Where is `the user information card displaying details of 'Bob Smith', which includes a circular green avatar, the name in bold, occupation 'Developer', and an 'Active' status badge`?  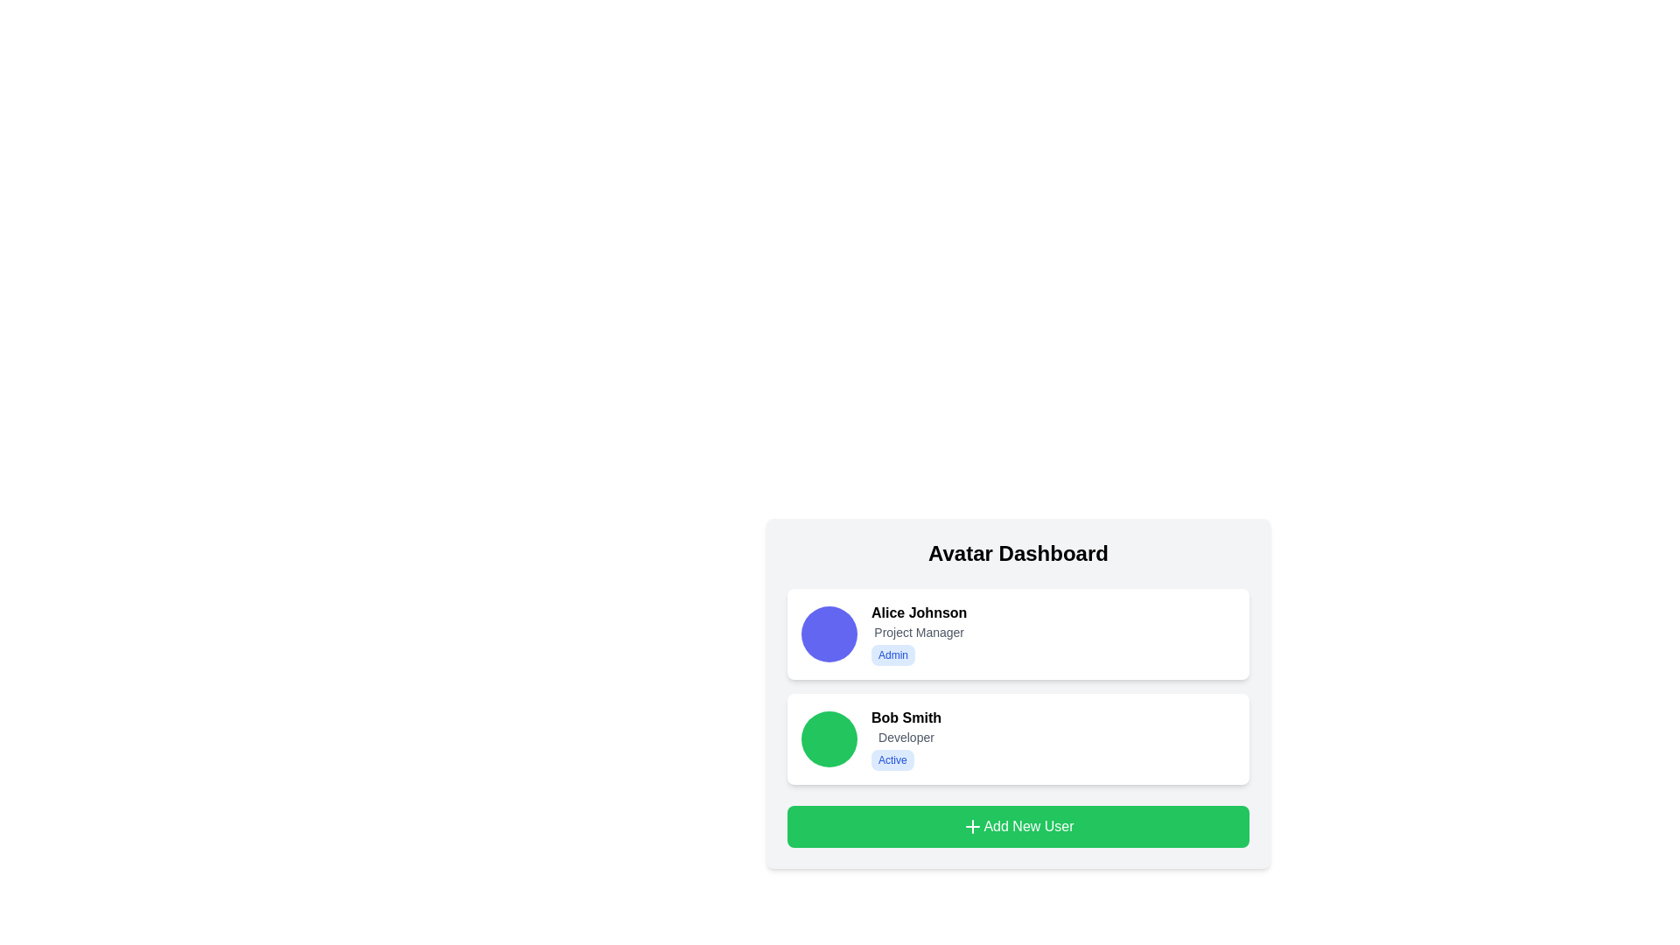
the user information card displaying details of 'Bob Smith', which includes a circular green avatar, the name in bold, occupation 'Developer', and an 'Active' status badge is located at coordinates (1018, 738).